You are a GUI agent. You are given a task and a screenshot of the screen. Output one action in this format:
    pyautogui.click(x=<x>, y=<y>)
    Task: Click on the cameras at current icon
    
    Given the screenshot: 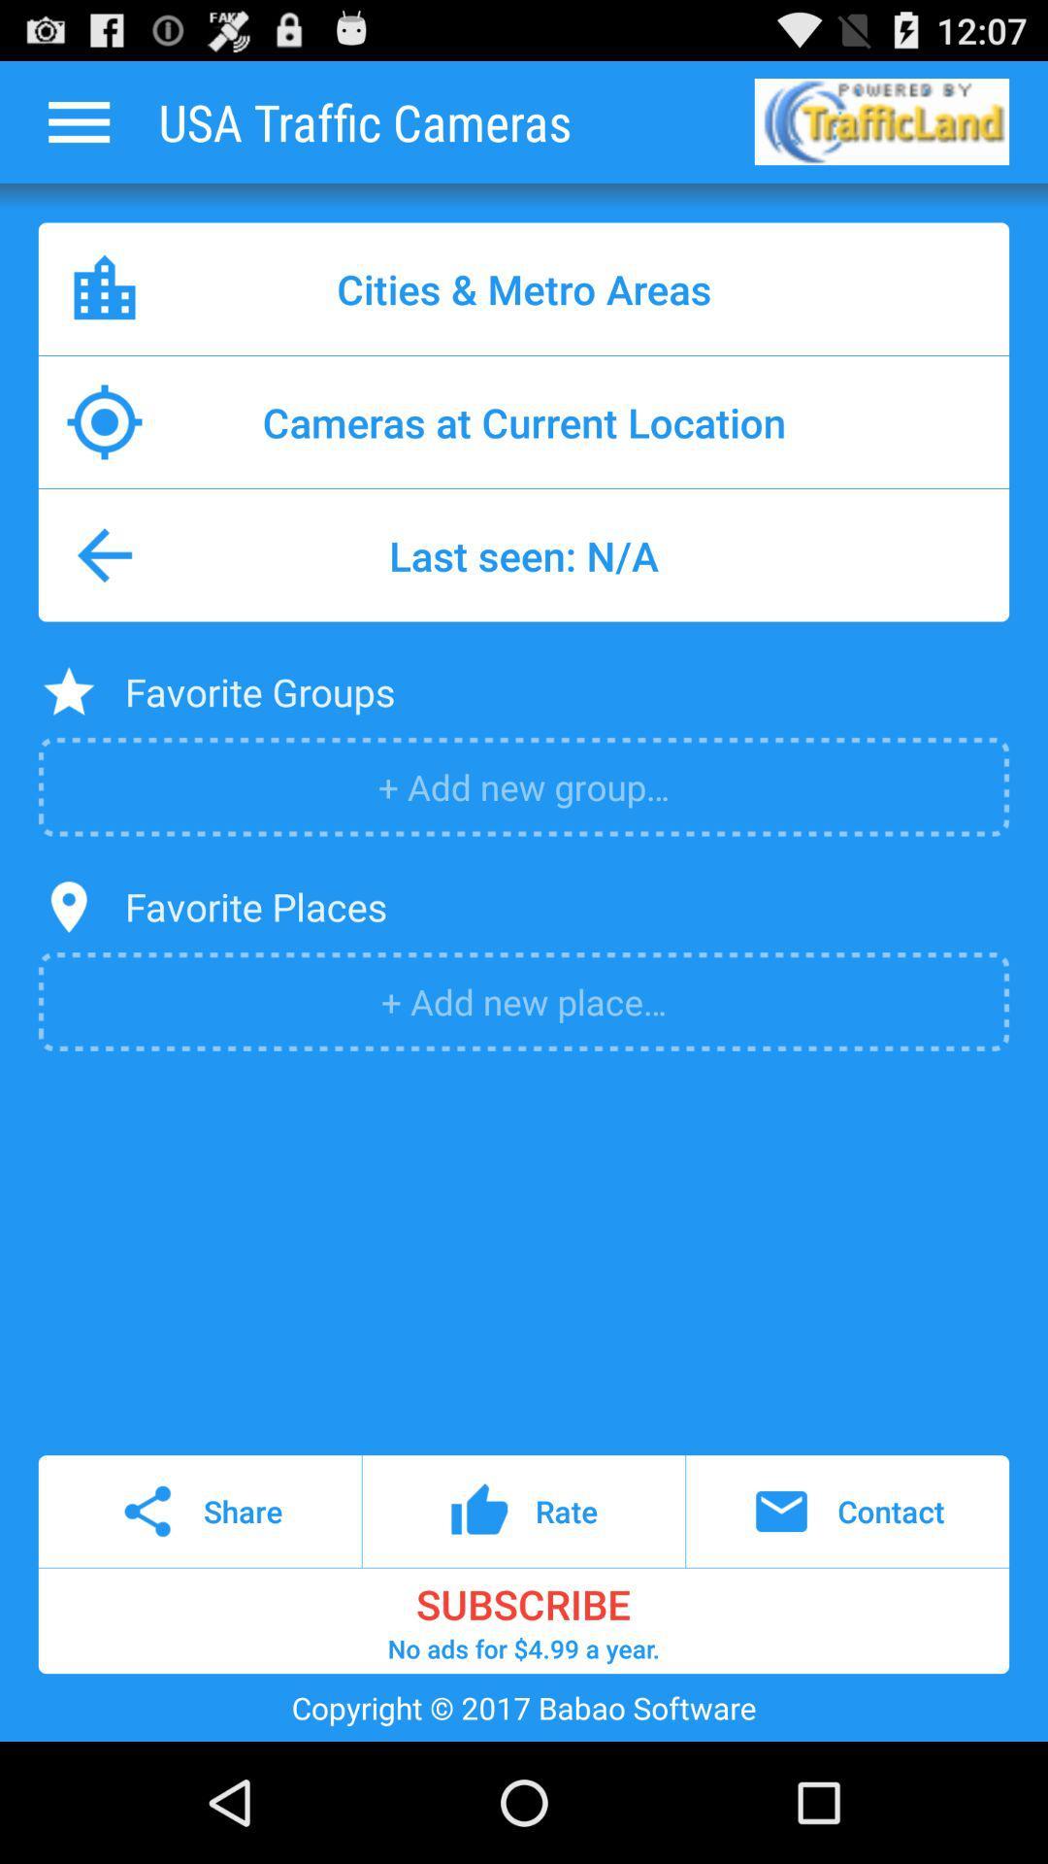 What is the action you would take?
    pyautogui.click(x=524, y=421)
    